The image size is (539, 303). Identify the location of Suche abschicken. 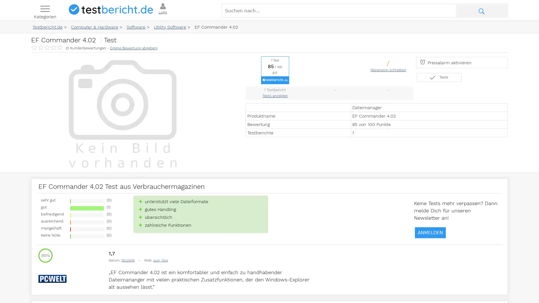
(481, 10).